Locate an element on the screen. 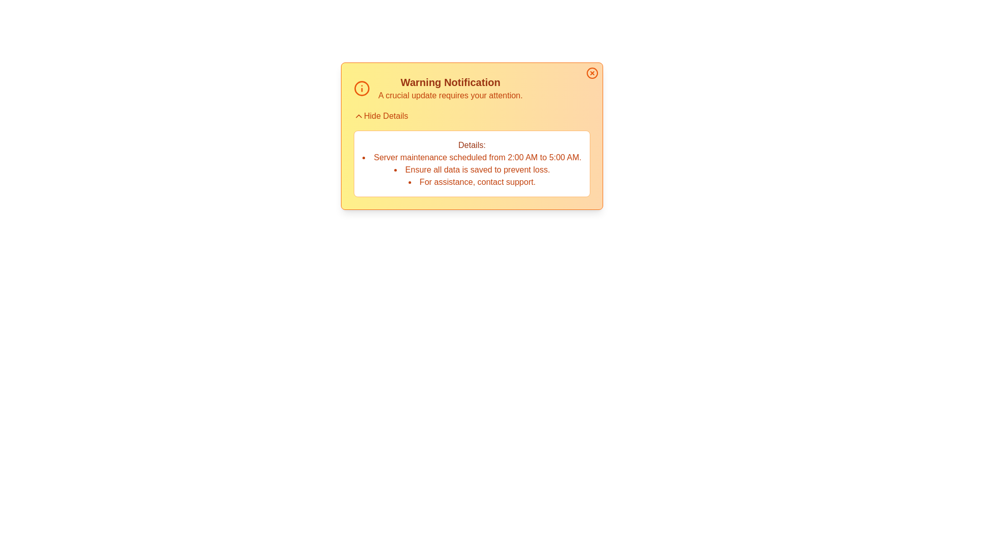  close button at the top-right corner of the notification panel to hide it is located at coordinates (592, 72).